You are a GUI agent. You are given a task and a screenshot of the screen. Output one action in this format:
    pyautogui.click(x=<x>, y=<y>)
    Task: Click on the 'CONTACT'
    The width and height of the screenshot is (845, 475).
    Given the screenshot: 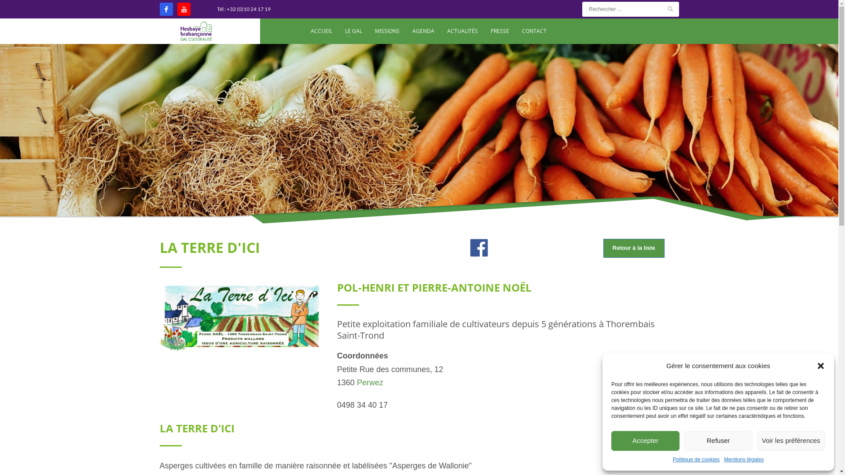 What is the action you would take?
    pyautogui.click(x=534, y=30)
    